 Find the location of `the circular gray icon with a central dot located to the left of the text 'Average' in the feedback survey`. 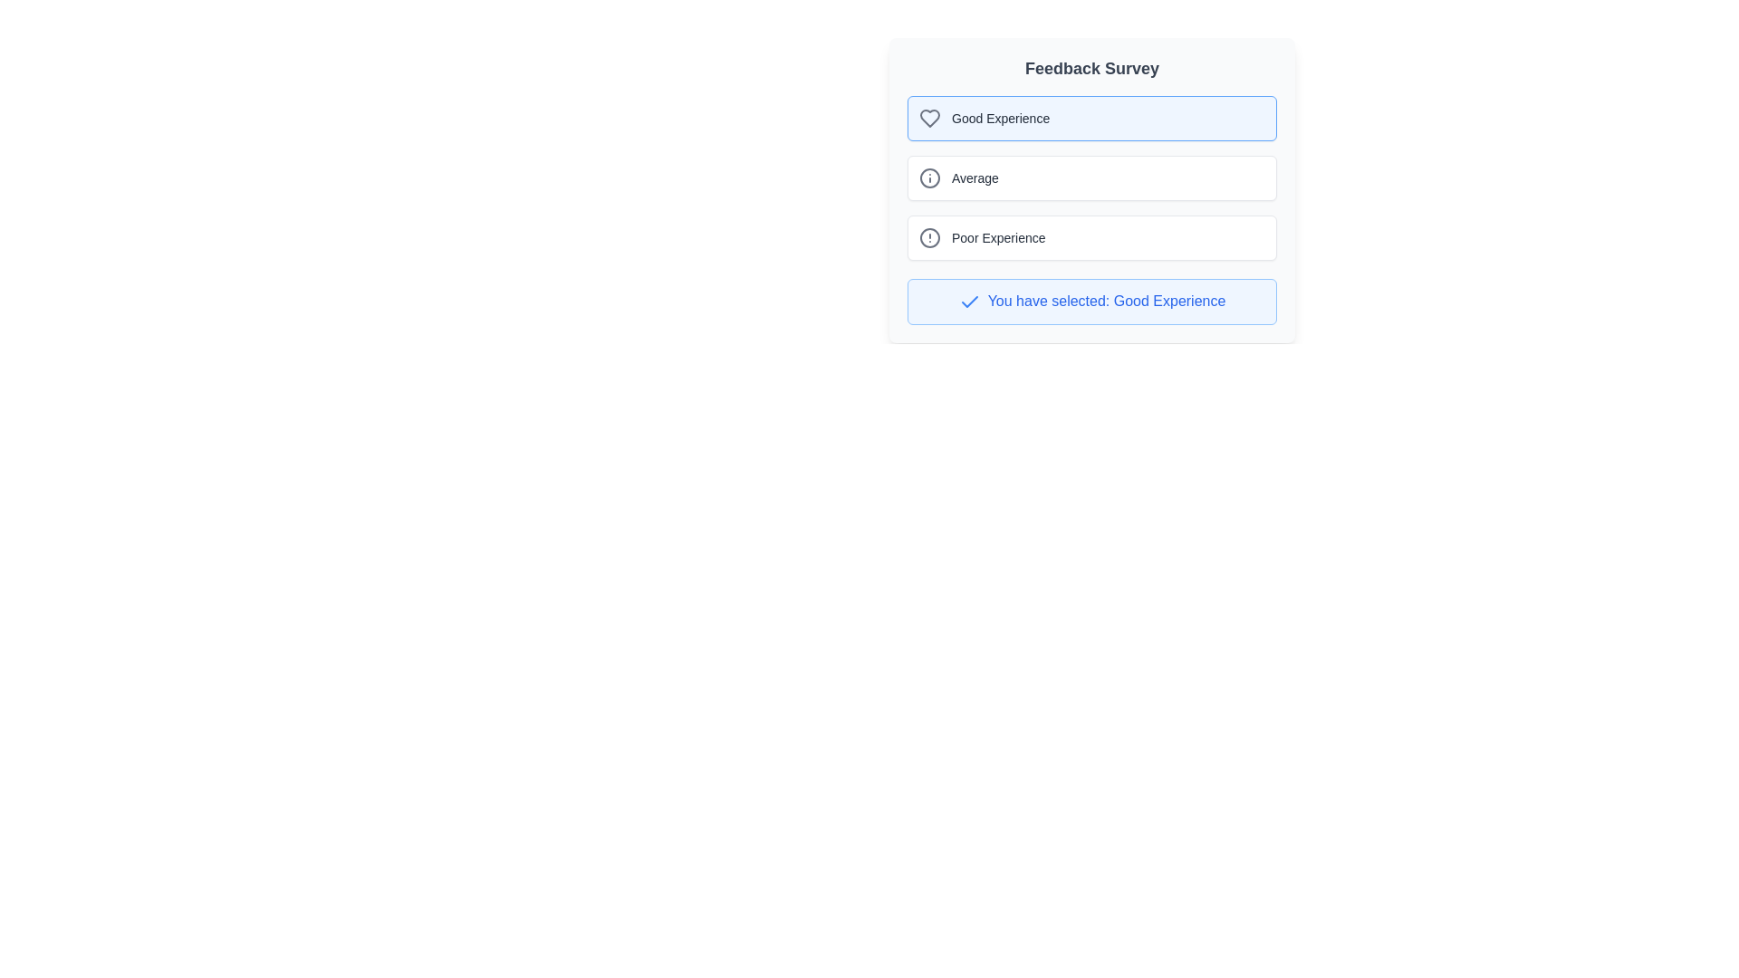

the circular gray icon with a central dot located to the left of the text 'Average' in the feedback survey is located at coordinates (930, 177).